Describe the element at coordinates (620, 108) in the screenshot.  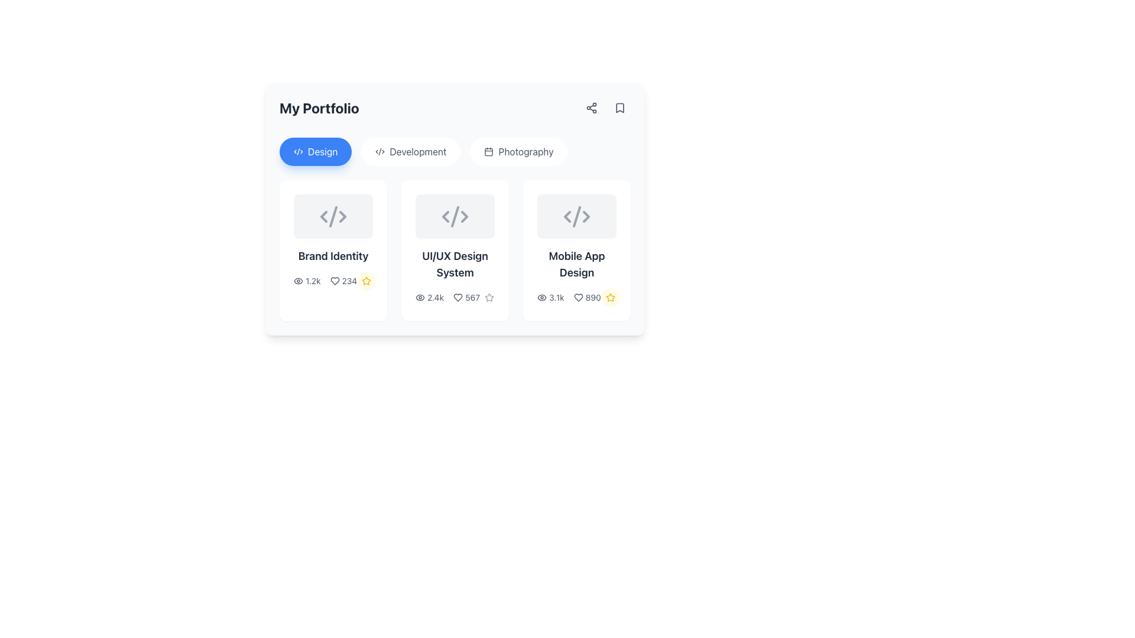
I see `the bookmark icon located at the top-right of the card layout` at that location.